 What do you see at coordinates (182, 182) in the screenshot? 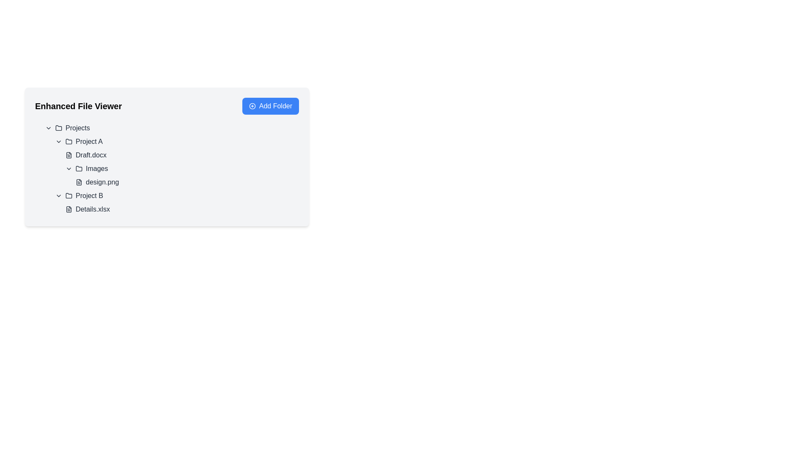
I see `the file entry named 'design.png'` at bounding box center [182, 182].